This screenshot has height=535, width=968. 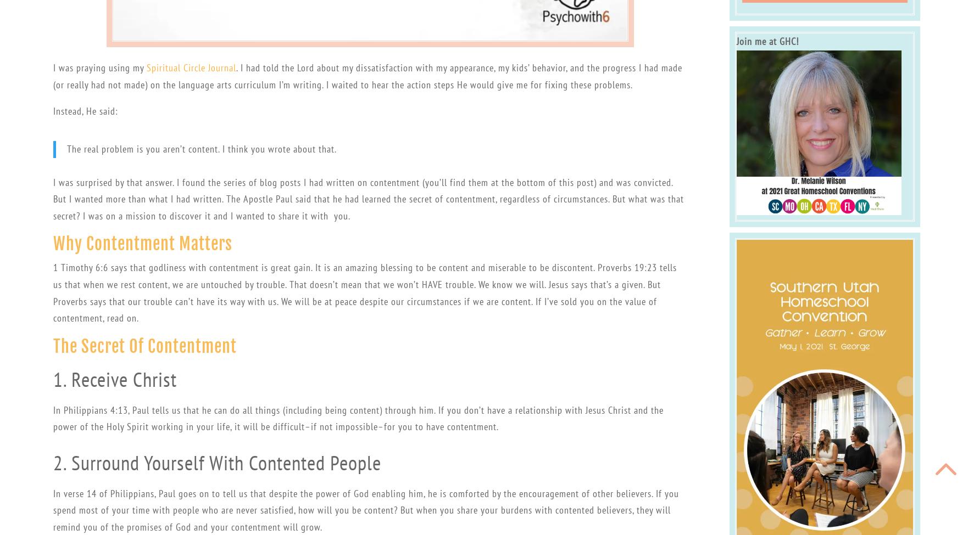 What do you see at coordinates (201, 148) in the screenshot?
I see `'The real problem is you aren’t content. I think you wrote about that.'` at bounding box center [201, 148].